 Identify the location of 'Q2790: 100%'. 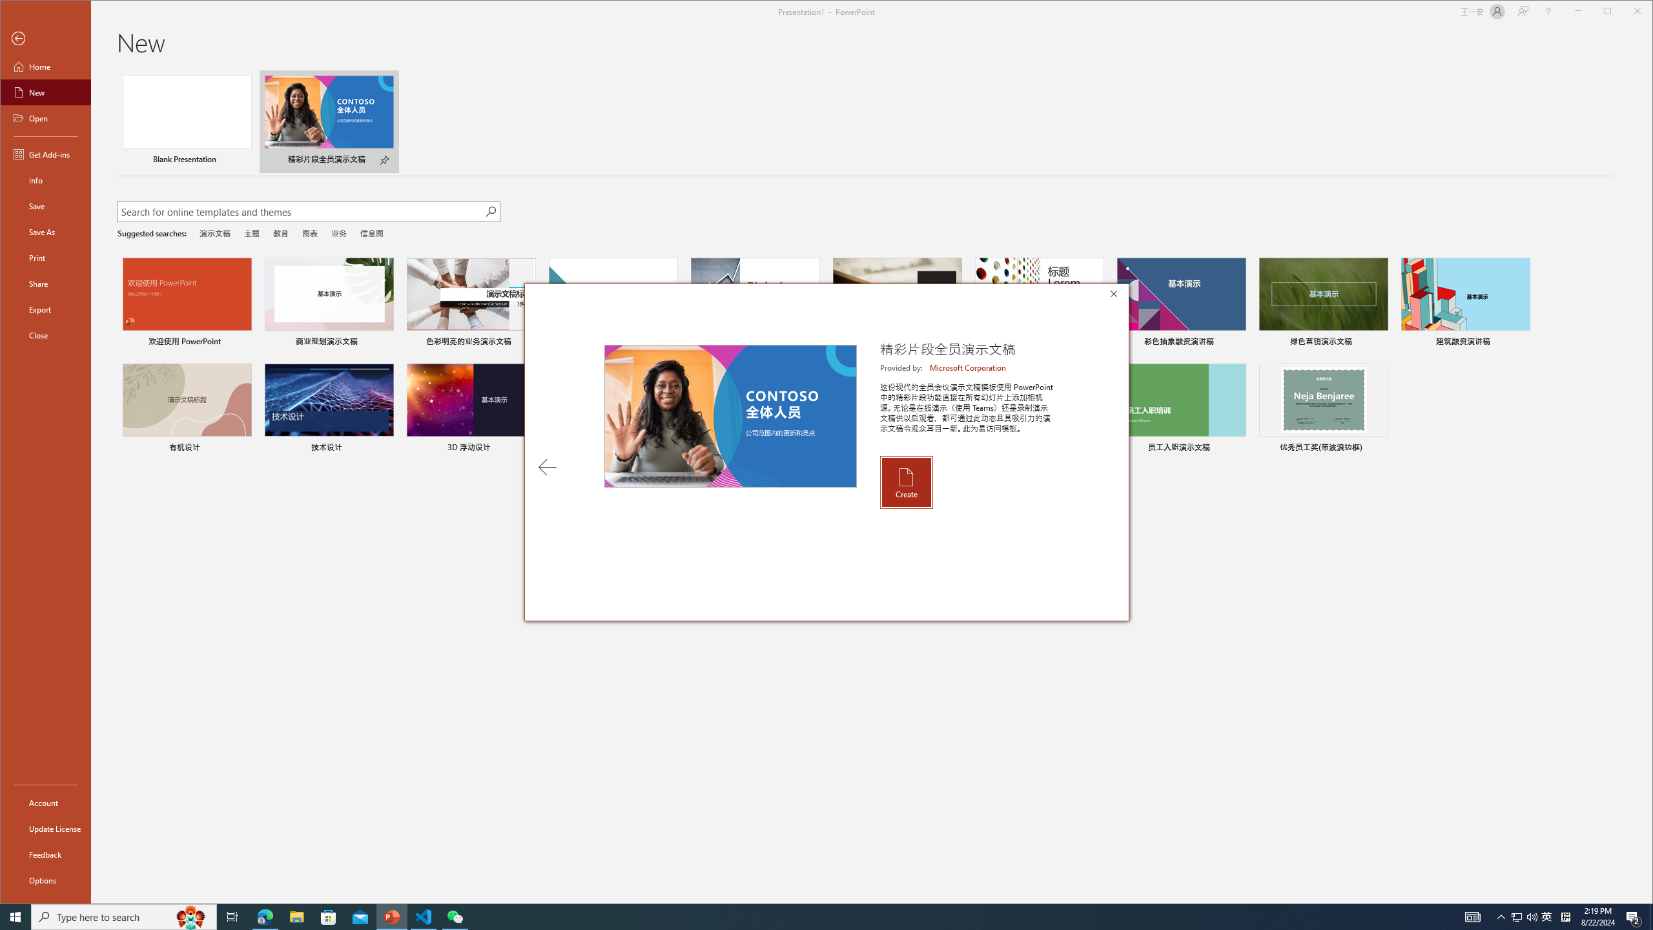
(1532, 916).